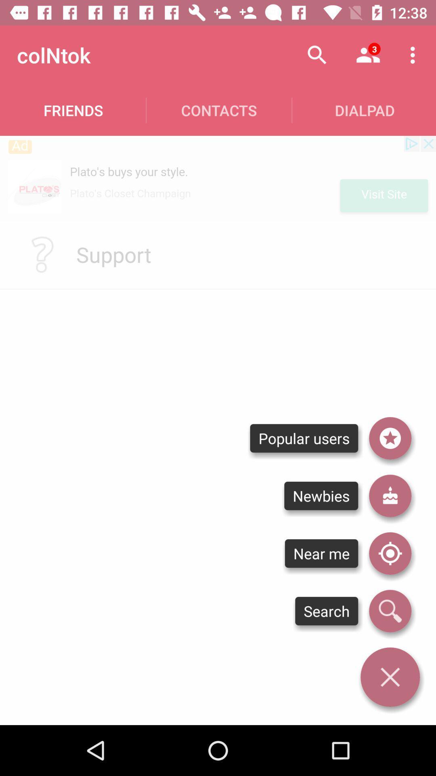  I want to click on list, so click(390, 438).